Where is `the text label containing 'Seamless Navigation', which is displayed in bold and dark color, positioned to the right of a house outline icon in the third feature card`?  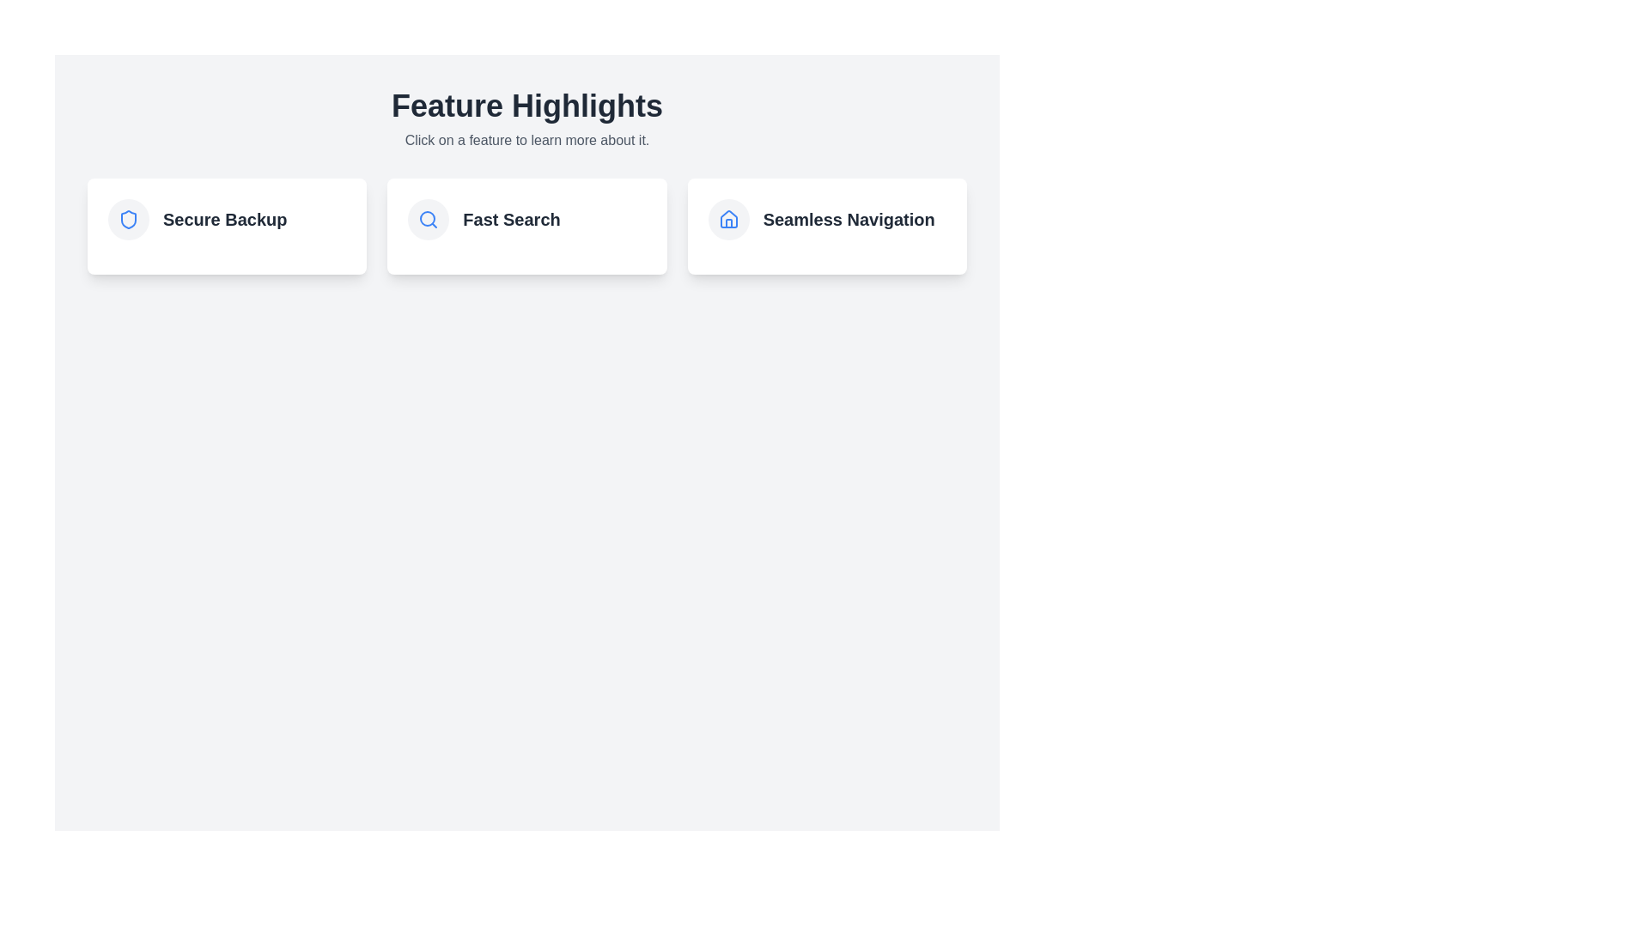 the text label containing 'Seamless Navigation', which is displayed in bold and dark color, positioned to the right of a house outline icon in the third feature card is located at coordinates (849, 218).